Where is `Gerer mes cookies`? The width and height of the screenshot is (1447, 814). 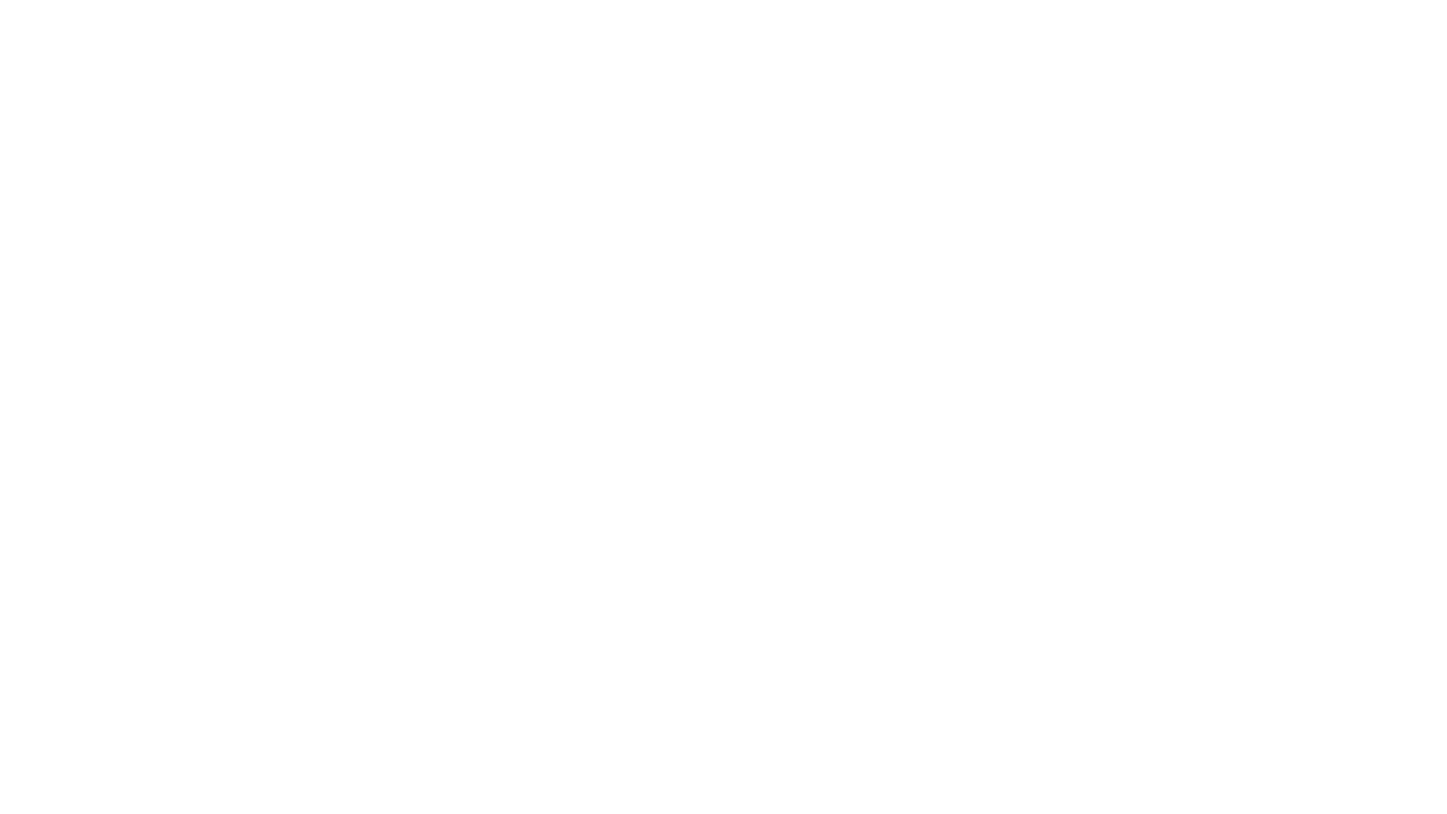
Gerer mes cookies is located at coordinates (950, 257).